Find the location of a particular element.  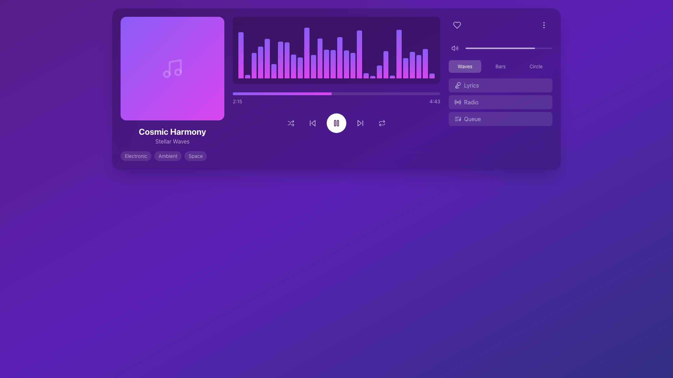

the Radio icon located in the middle button of the vertically aligned buttons labeled 'Lyrics', 'Radio', and 'Queue' is located at coordinates (457, 102).